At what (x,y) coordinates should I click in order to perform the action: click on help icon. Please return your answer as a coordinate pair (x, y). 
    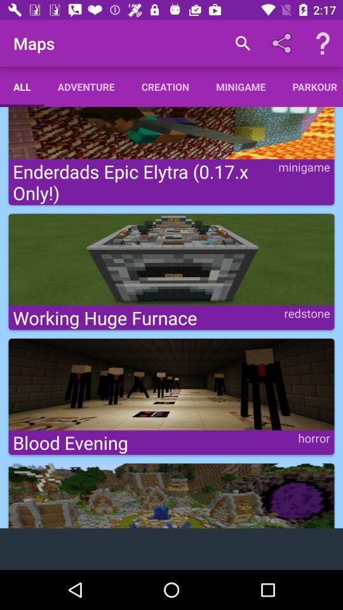
    Looking at the image, I should click on (323, 43).